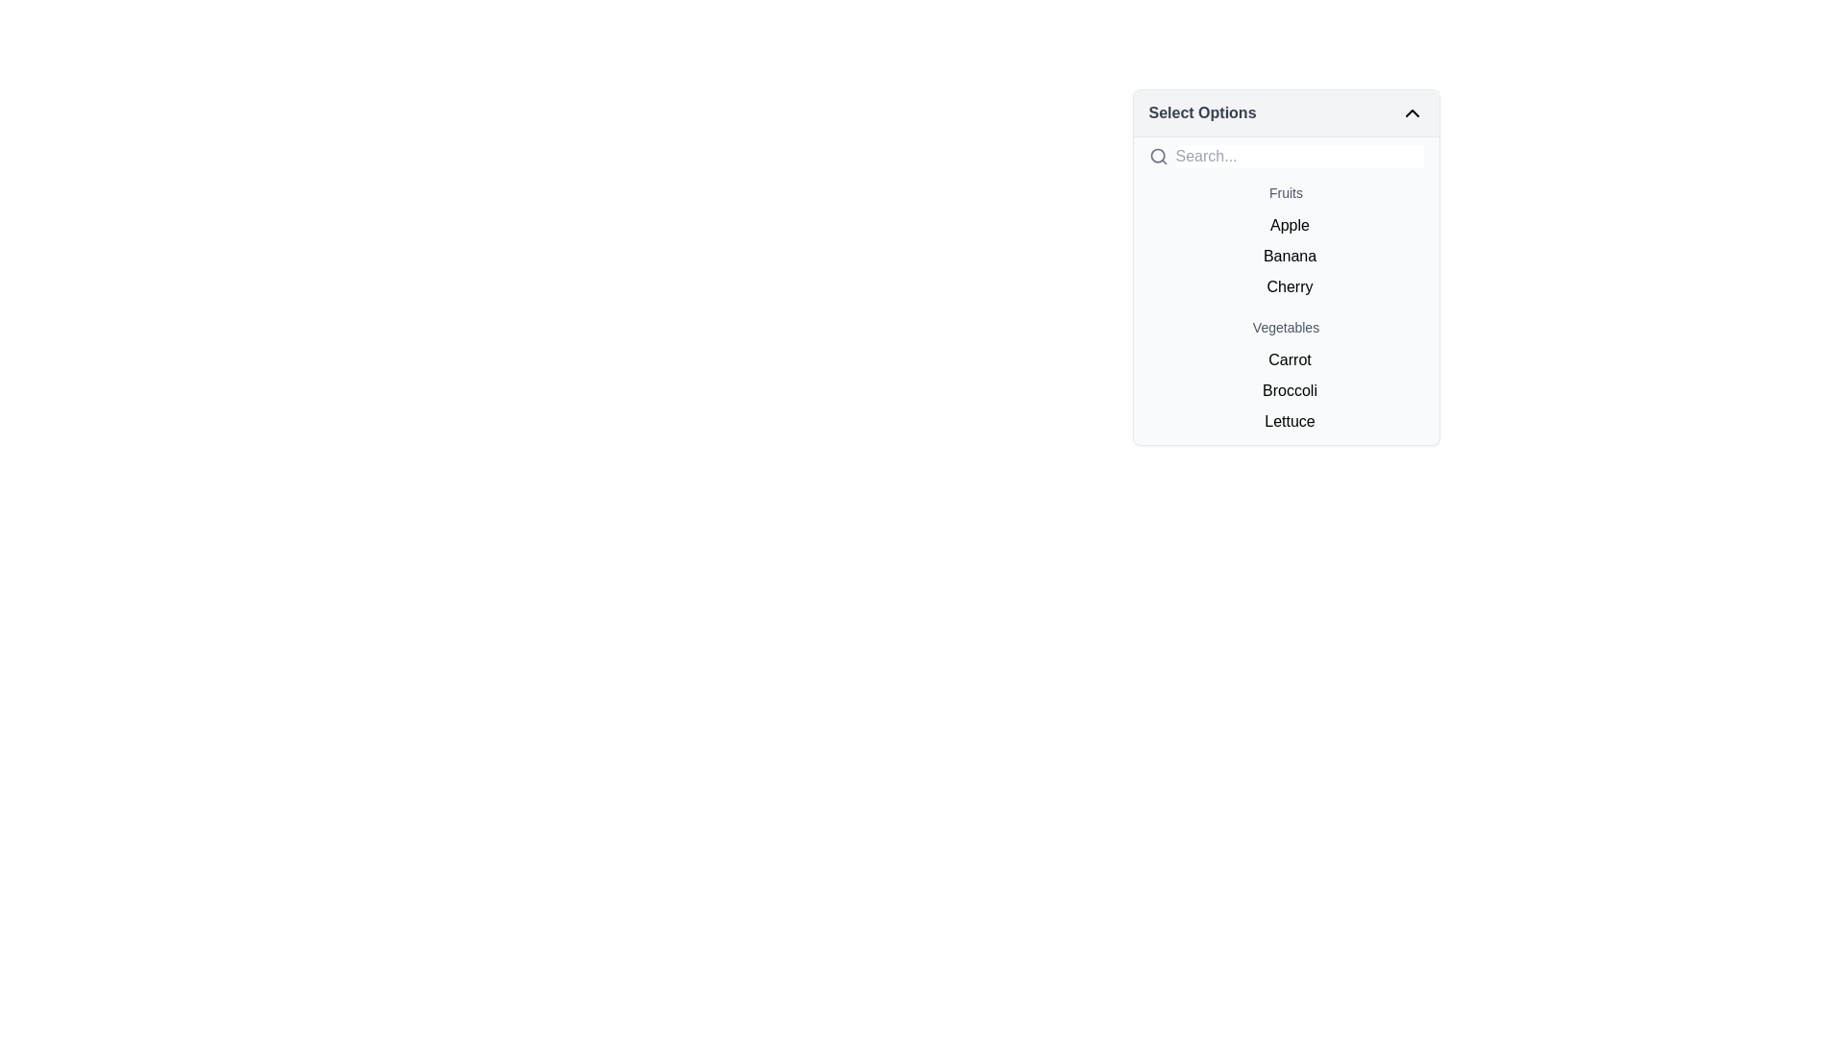 This screenshot has width=1845, height=1038. Describe the element at coordinates (1290, 359) in the screenshot. I see `the first entry under the 'Vegetables' section in the dropdown menu` at that location.